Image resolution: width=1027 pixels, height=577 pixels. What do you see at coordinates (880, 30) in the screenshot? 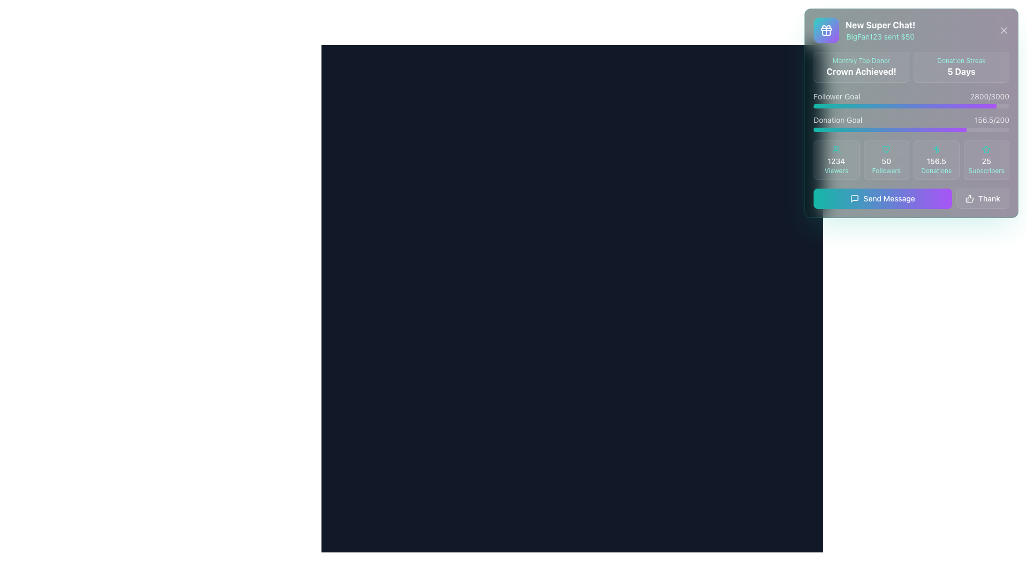
I see `the text block displaying 'New Super Chat!' and 'BigFan123 sent $50' located at the top of the popup card on the right side of the interface` at bounding box center [880, 30].